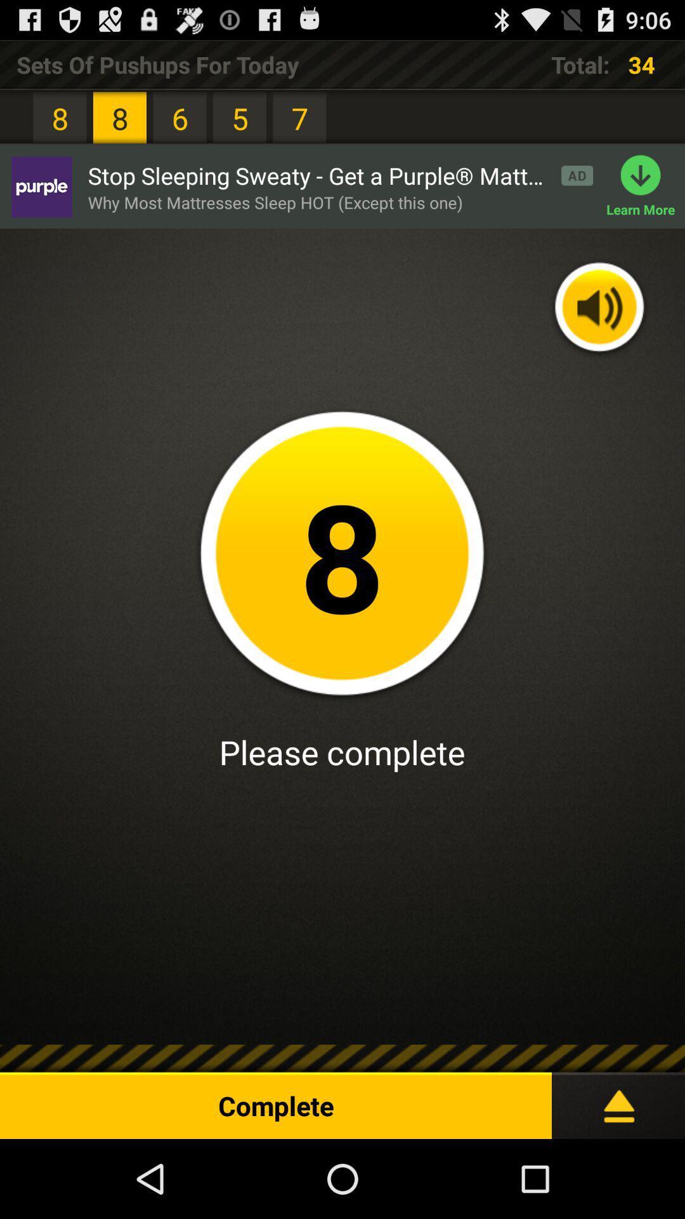 The width and height of the screenshot is (685, 1219). What do you see at coordinates (339, 175) in the screenshot?
I see `the app above the why most mattresses app` at bounding box center [339, 175].